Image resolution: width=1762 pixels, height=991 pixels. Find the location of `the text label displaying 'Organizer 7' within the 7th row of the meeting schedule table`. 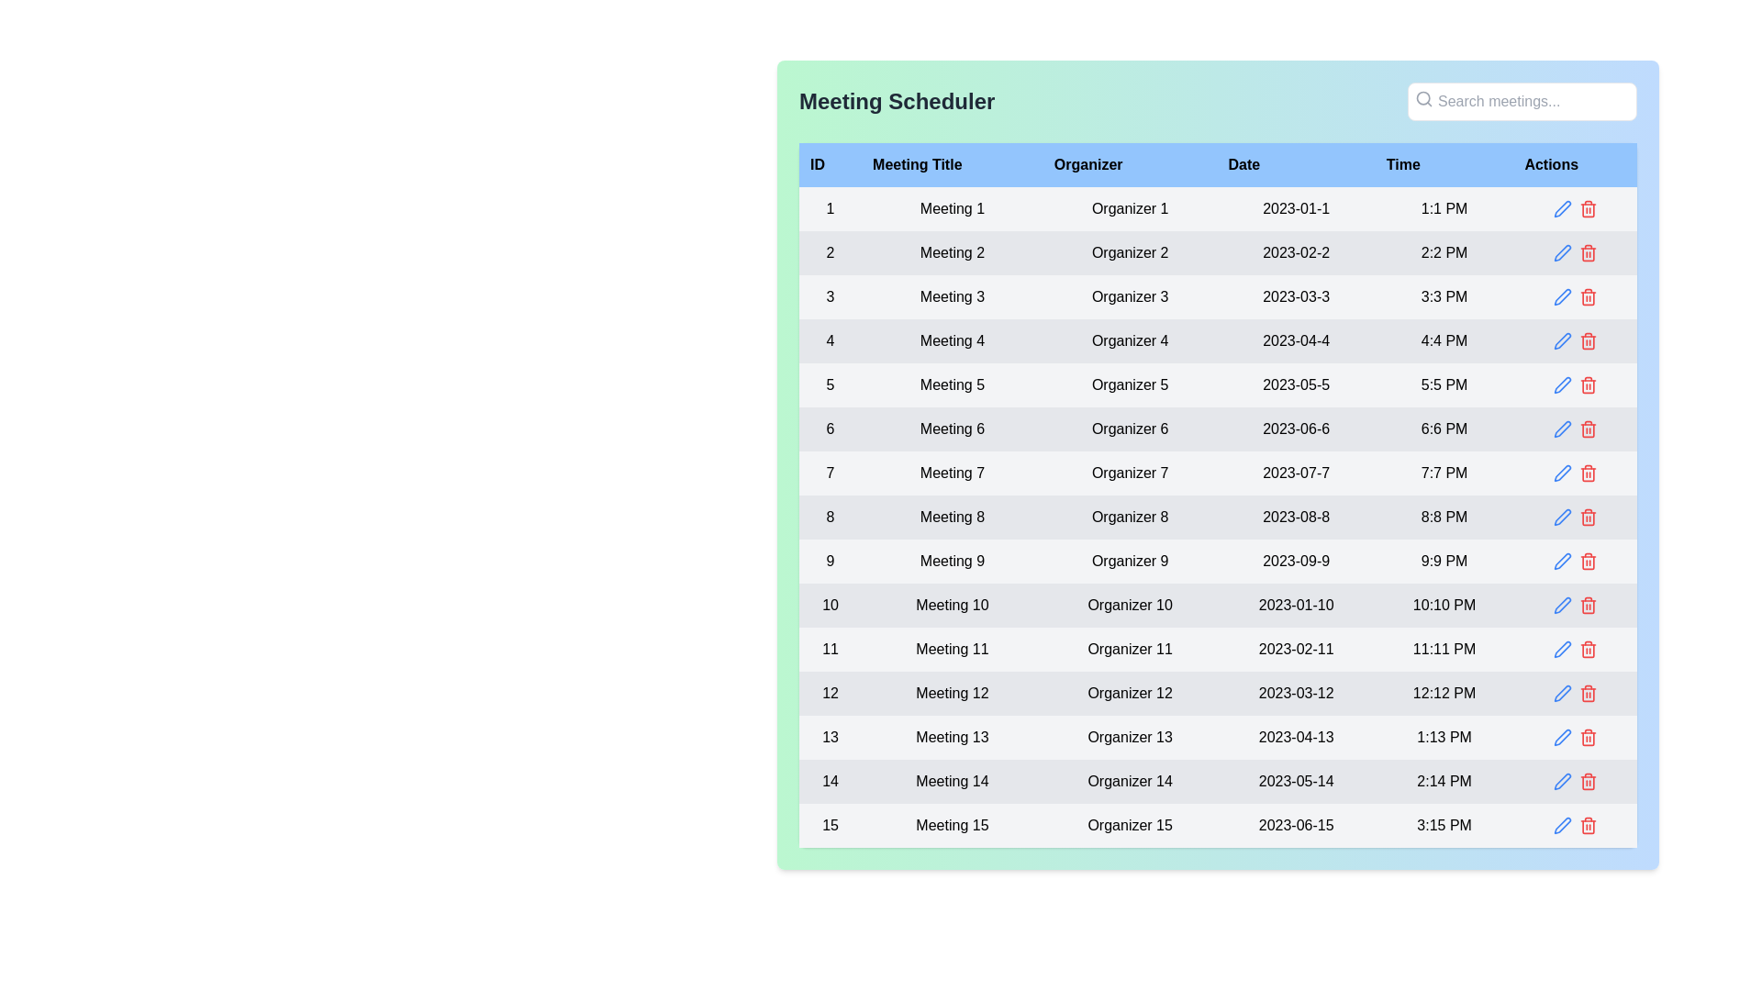

the text label displaying 'Organizer 7' within the 7th row of the meeting schedule table is located at coordinates (1129, 473).